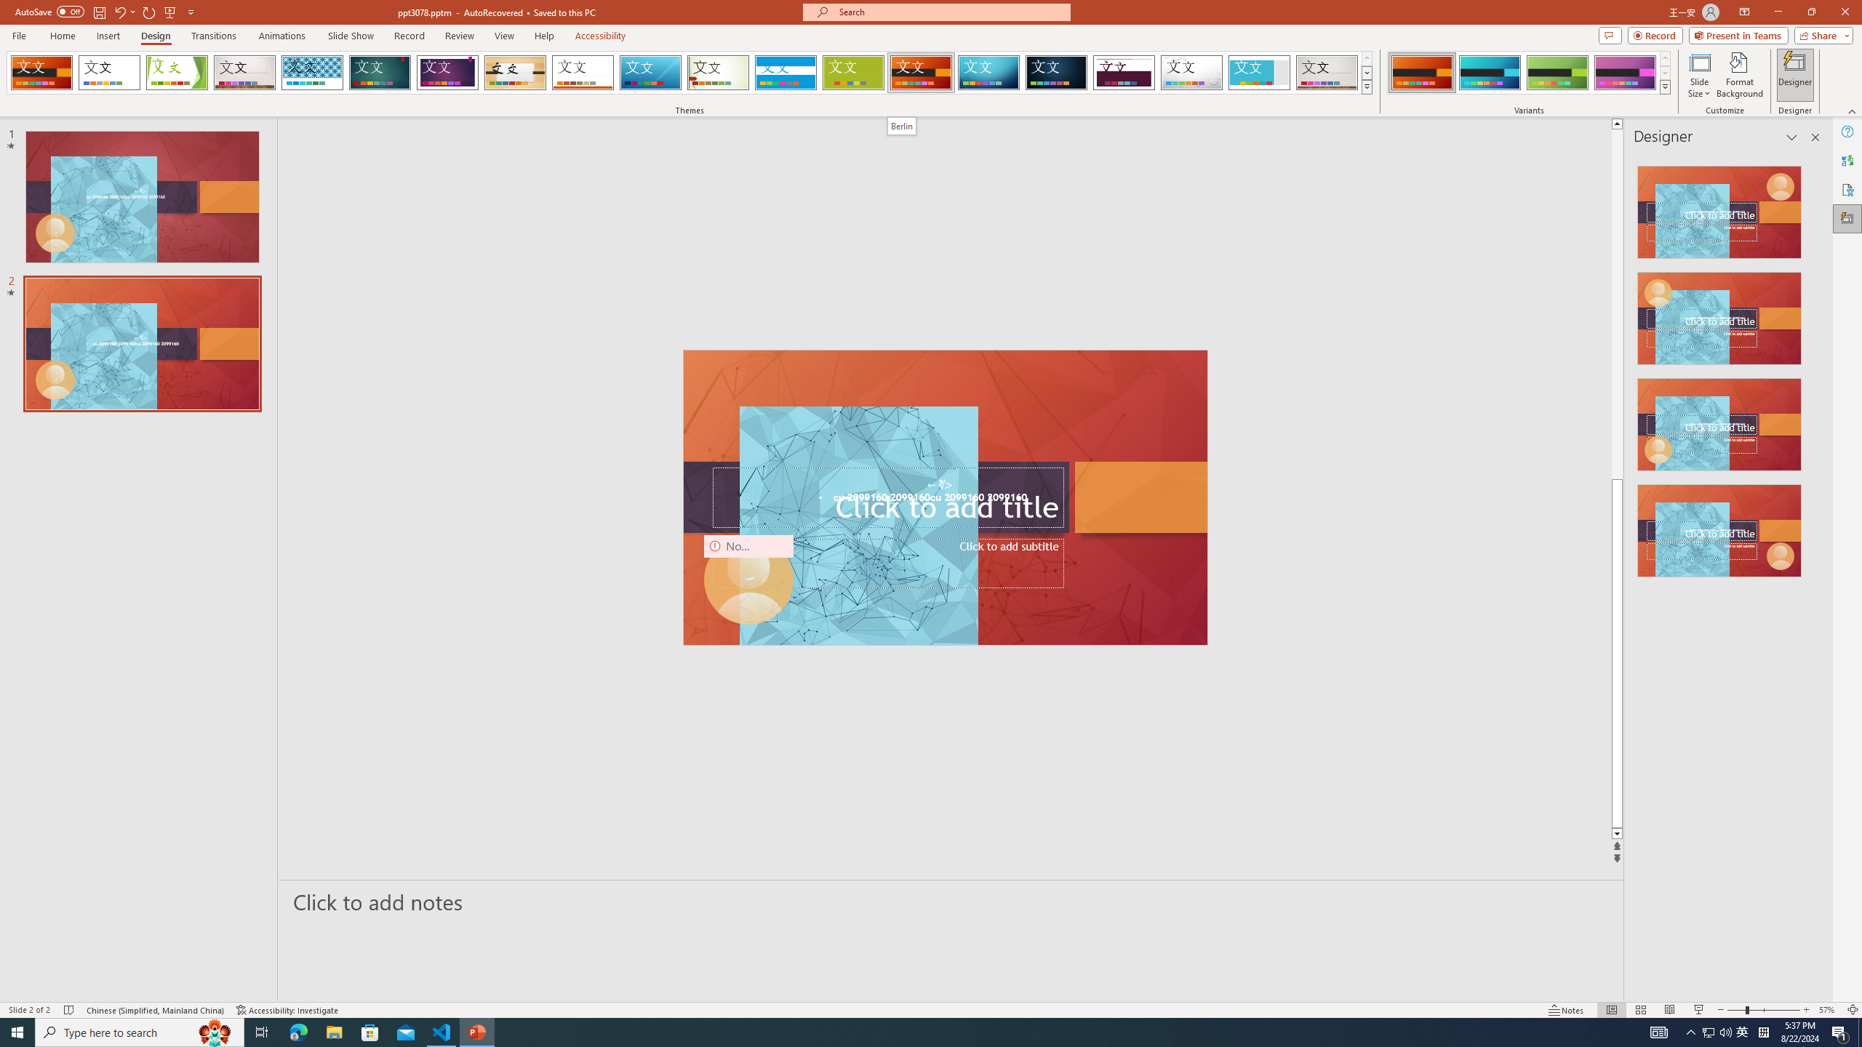  What do you see at coordinates (1740, 75) in the screenshot?
I see `'Format Background'` at bounding box center [1740, 75].